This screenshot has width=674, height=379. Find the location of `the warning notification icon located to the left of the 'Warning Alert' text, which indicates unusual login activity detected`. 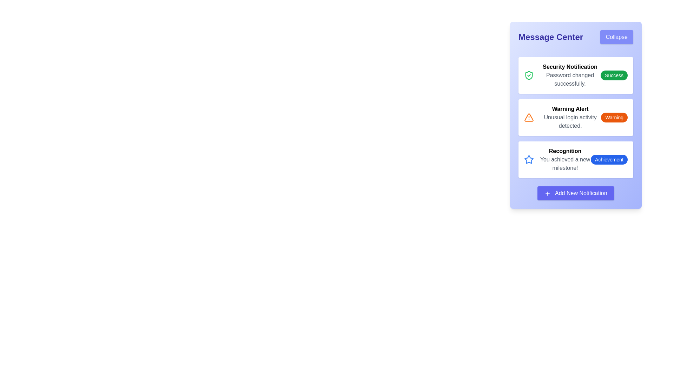

the warning notification icon located to the left of the 'Warning Alert' text, which indicates unusual login activity detected is located at coordinates (529, 117).